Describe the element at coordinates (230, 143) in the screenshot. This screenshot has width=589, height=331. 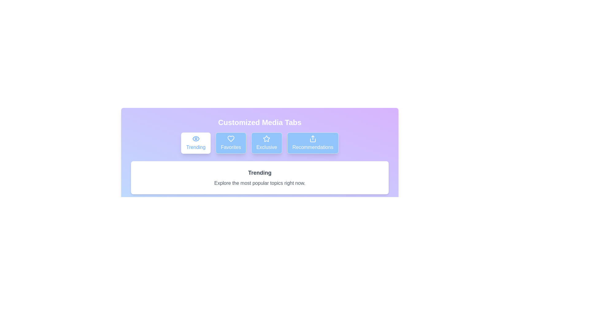
I see `the Favorites tab` at that location.